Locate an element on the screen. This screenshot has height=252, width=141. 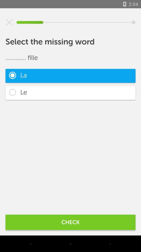
the icon above the select the missing icon is located at coordinates (9, 22).